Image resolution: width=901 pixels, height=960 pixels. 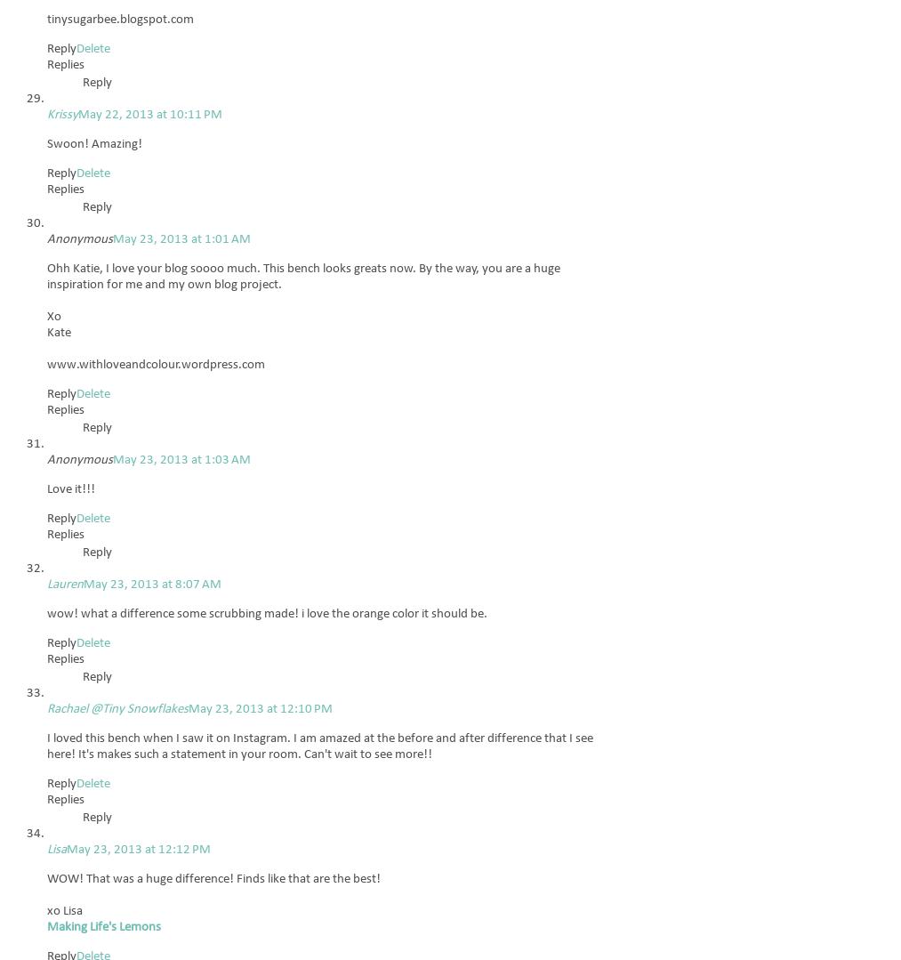 I want to click on 'Kate', so click(x=58, y=333).